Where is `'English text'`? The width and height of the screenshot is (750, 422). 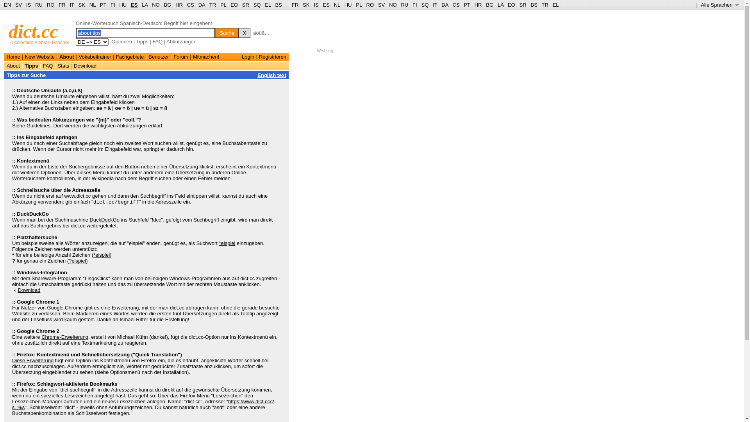 'English text' is located at coordinates (272, 75).